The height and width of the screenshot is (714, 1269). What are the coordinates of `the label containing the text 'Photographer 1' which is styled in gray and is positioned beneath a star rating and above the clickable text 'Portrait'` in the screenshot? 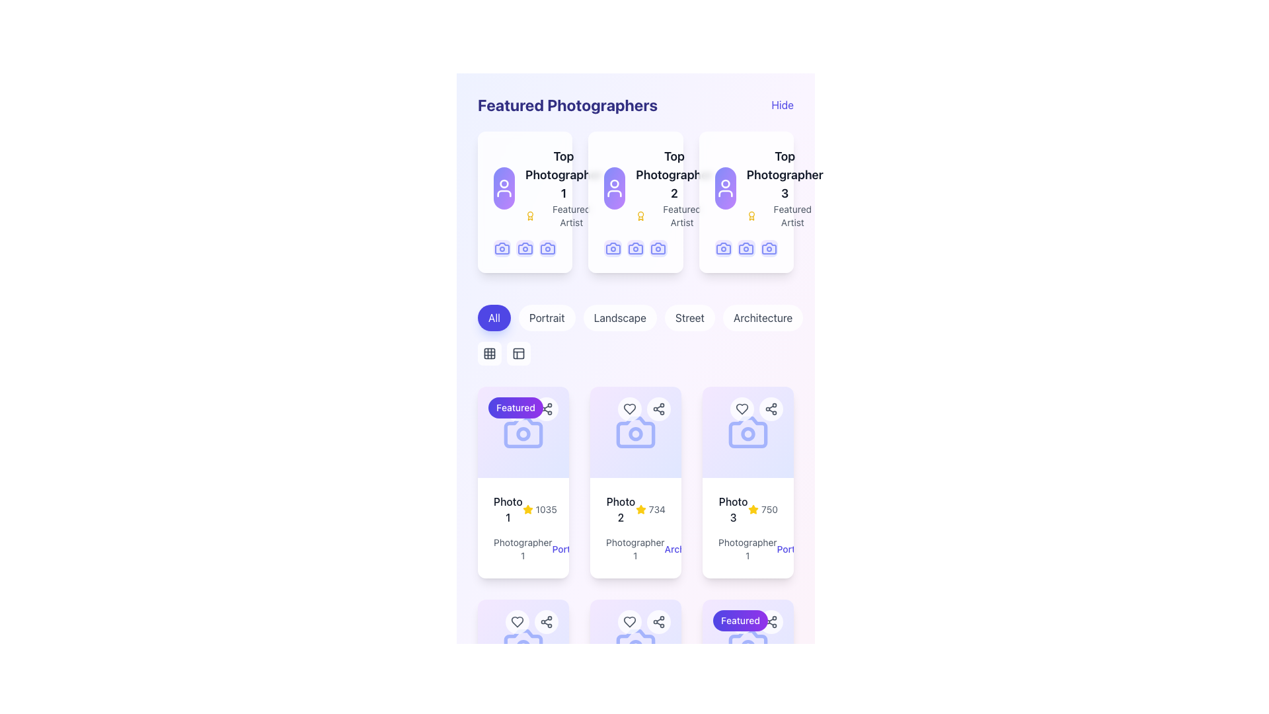 It's located at (523, 549).